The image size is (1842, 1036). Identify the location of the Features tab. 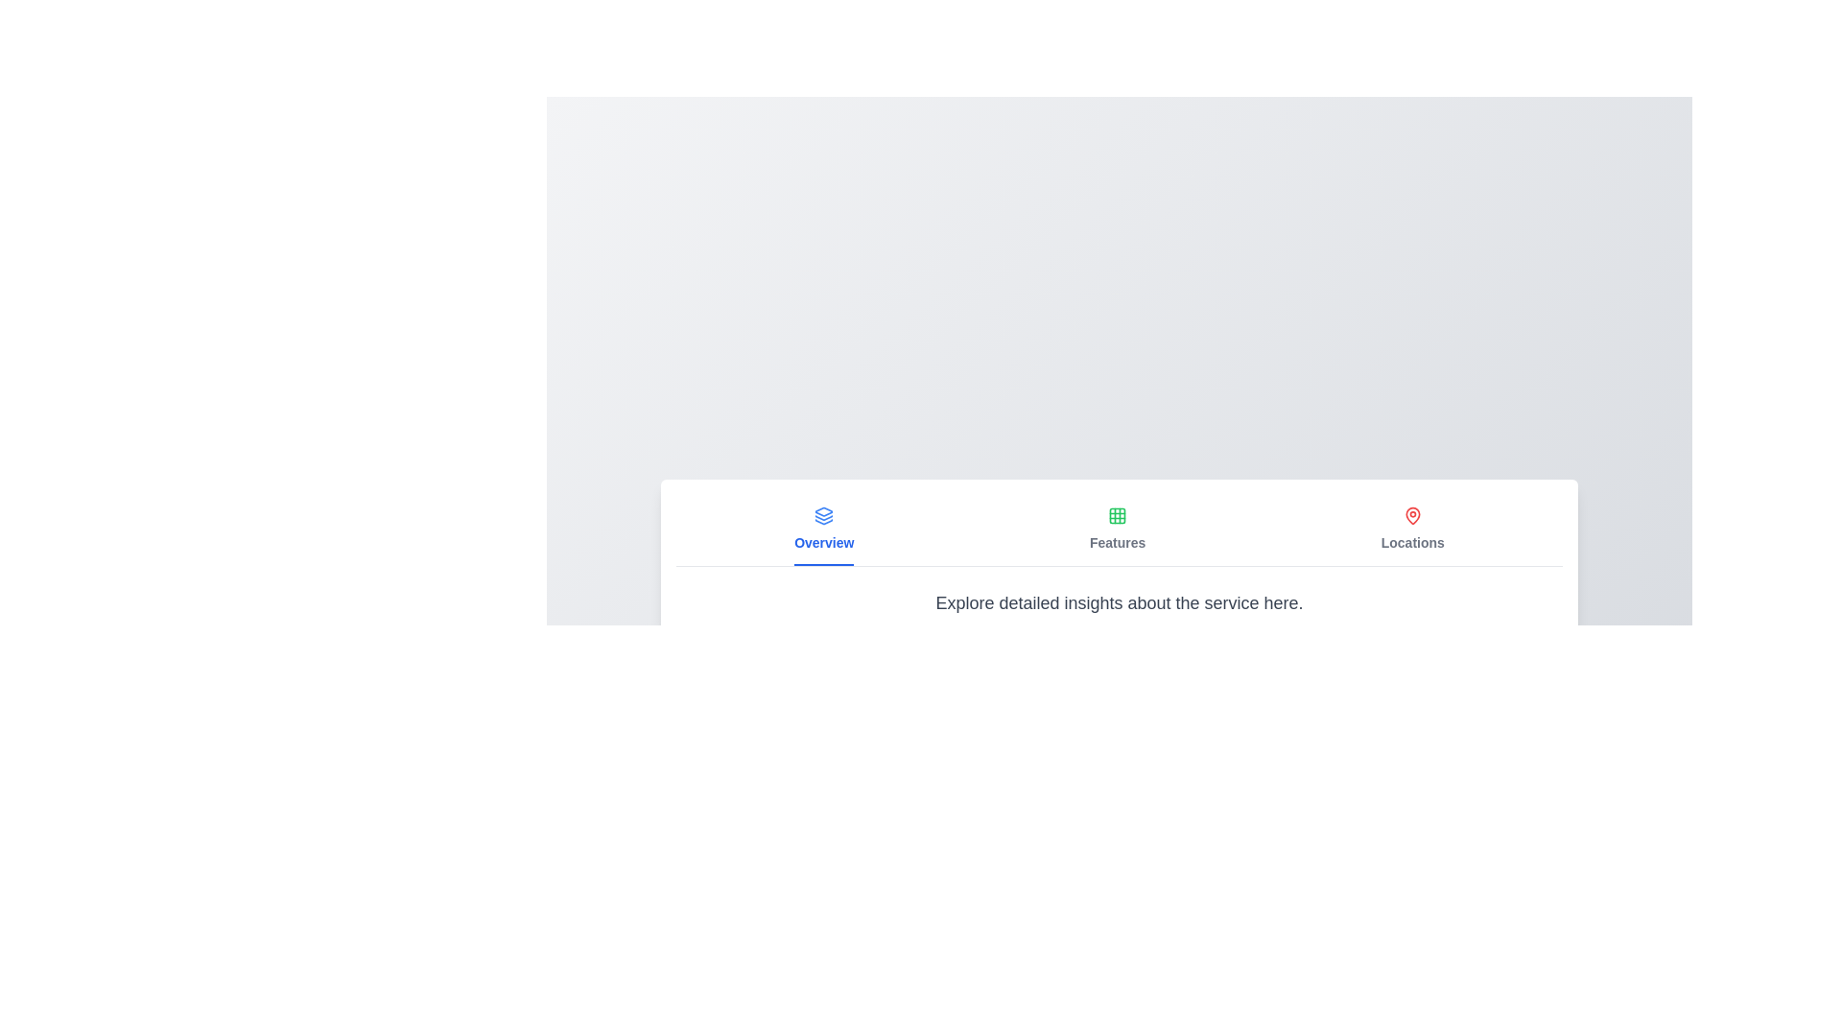
(1118, 530).